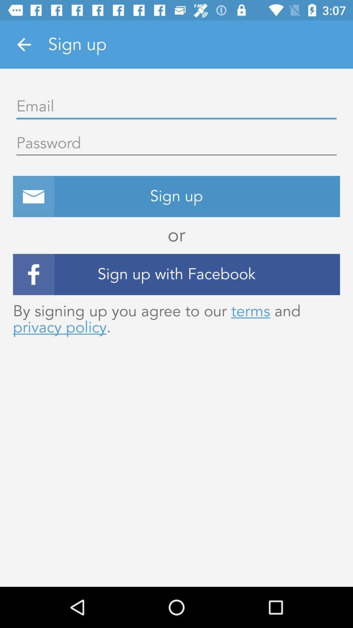 Image resolution: width=353 pixels, height=628 pixels. What do you see at coordinates (176, 319) in the screenshot?
I see `the by signing up` at bounding box center [176, 319].